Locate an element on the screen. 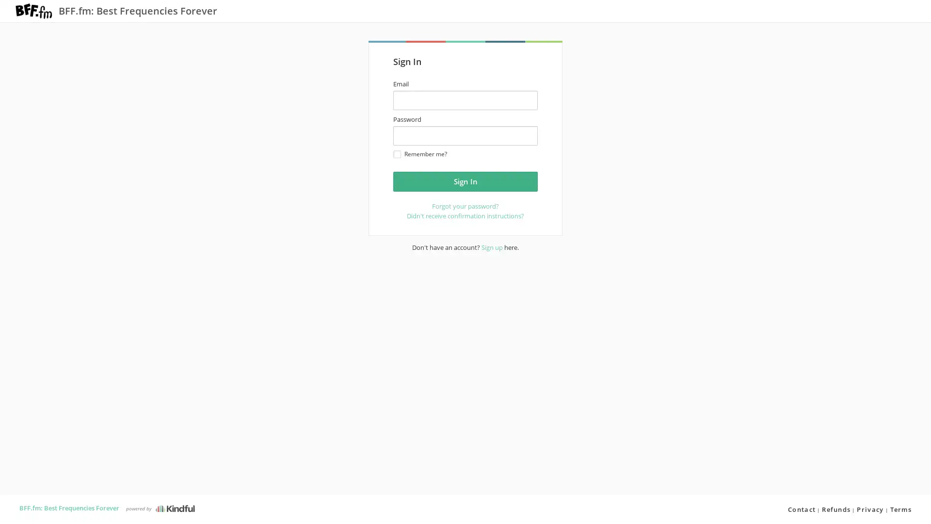 The image size is (931, 524). Sign In is located at coordinates (465, 181).